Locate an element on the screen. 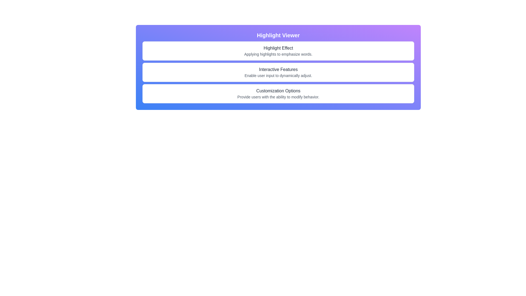  the second character 'n' in the label 'Interactive Features', which is part of the displayed text in the user interface is located at coordinates (261, 69).